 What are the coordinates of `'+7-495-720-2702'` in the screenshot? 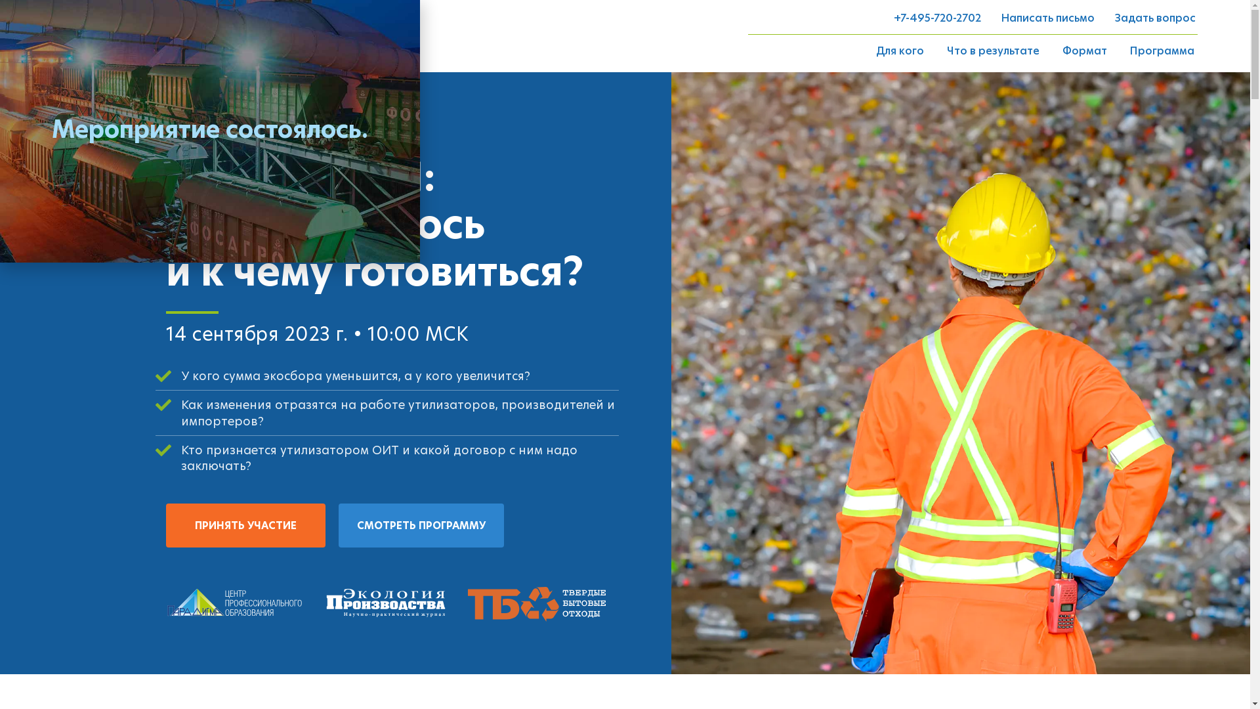 It's located at (936, 18).